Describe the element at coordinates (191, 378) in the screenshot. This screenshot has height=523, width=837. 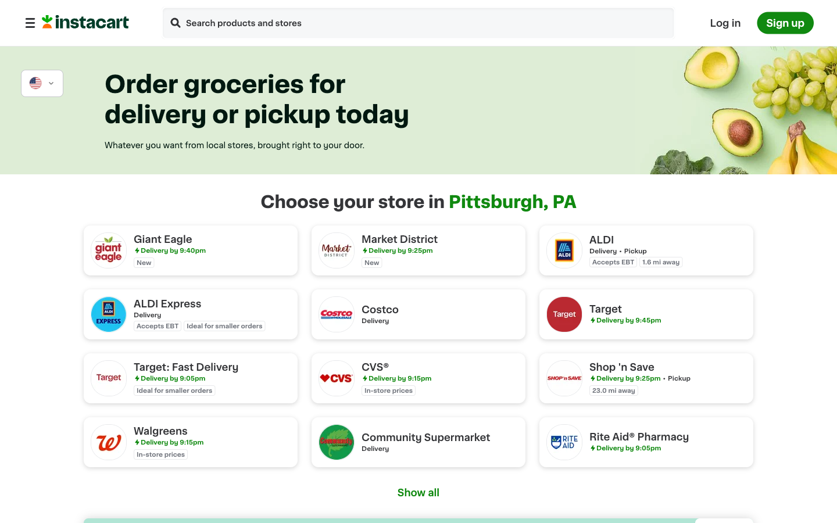
I see `Request swift dispatch from Target Store` at that location.